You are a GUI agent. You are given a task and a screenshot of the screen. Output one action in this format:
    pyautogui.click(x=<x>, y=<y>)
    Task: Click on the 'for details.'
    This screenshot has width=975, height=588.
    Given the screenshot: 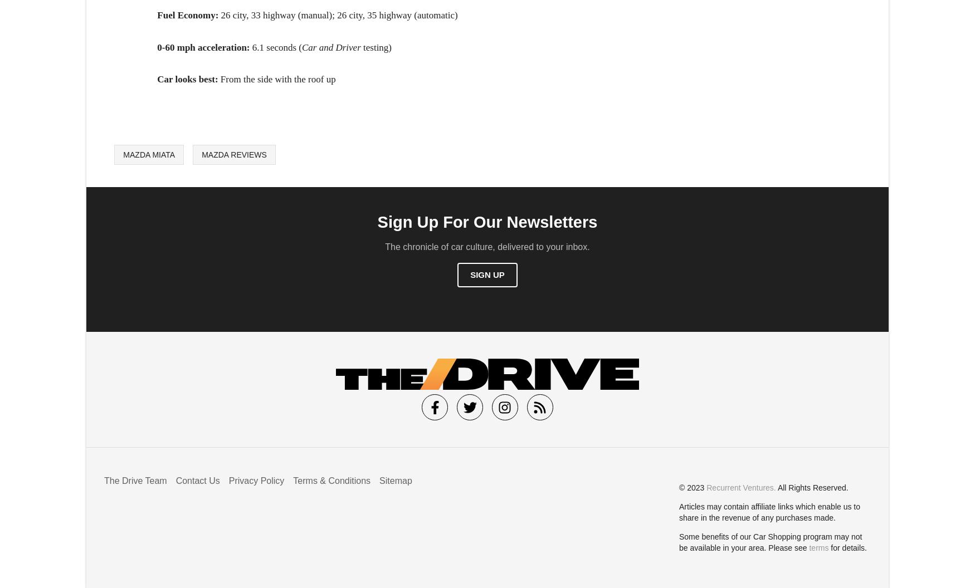 What is the action you would take?
    pyautogui.click(x=846, y=547)
    